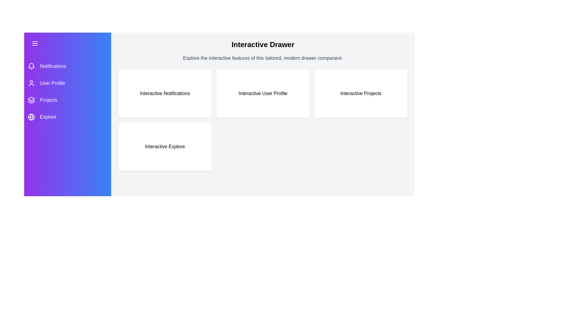  What do you see at coordinates (68, 66) in the screenshot?
I see `the menu item Notifications to navigate` at bounding box center [68, 66].